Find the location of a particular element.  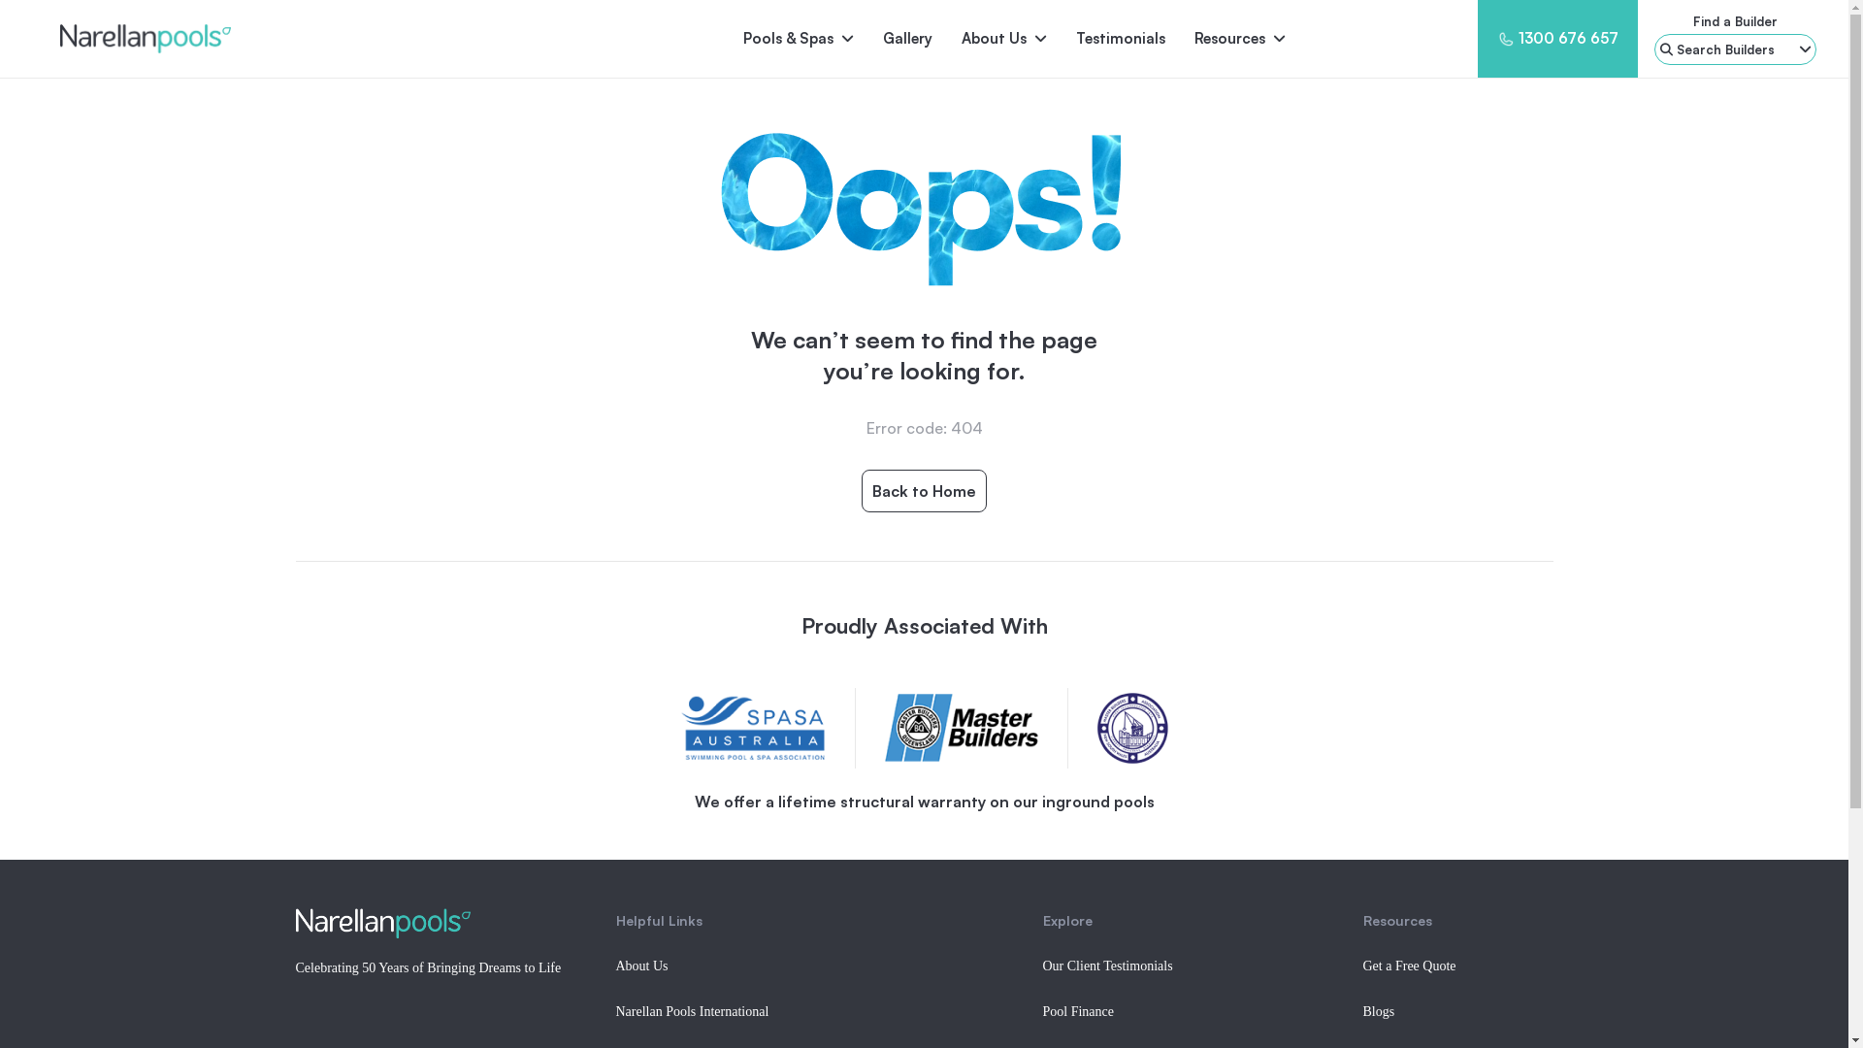

'Search Builders' is located at coordinates (1735, 48).